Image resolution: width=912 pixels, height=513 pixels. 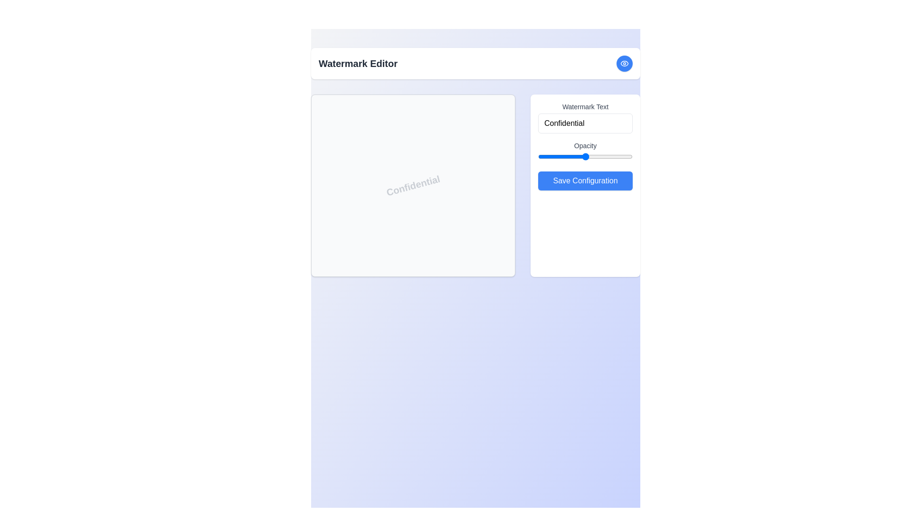 I want to click on the blue 'Save Configuration' button in the Panel with input controls to apply changes, so click(x=585, y=185).